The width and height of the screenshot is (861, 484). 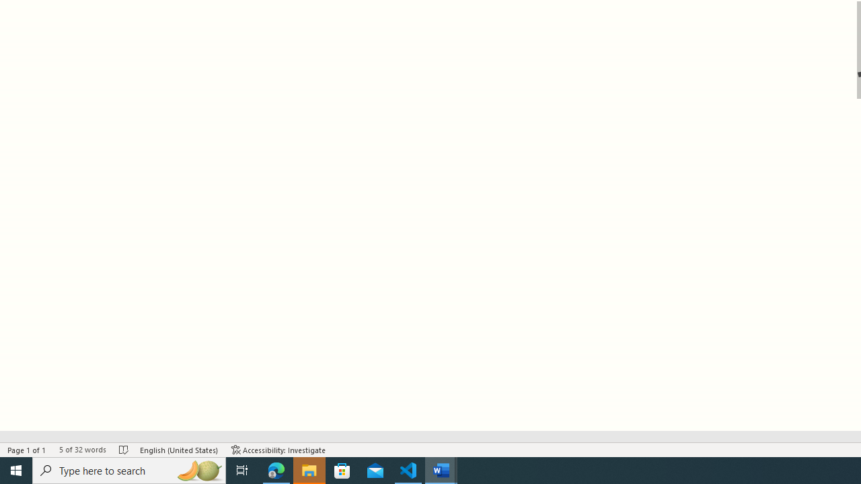 What do you see at coordinates (278, 450) in the screenshot?
I see `'Accessibility Checker Accessibility: Investigate'` at bounding box center [278, 450].